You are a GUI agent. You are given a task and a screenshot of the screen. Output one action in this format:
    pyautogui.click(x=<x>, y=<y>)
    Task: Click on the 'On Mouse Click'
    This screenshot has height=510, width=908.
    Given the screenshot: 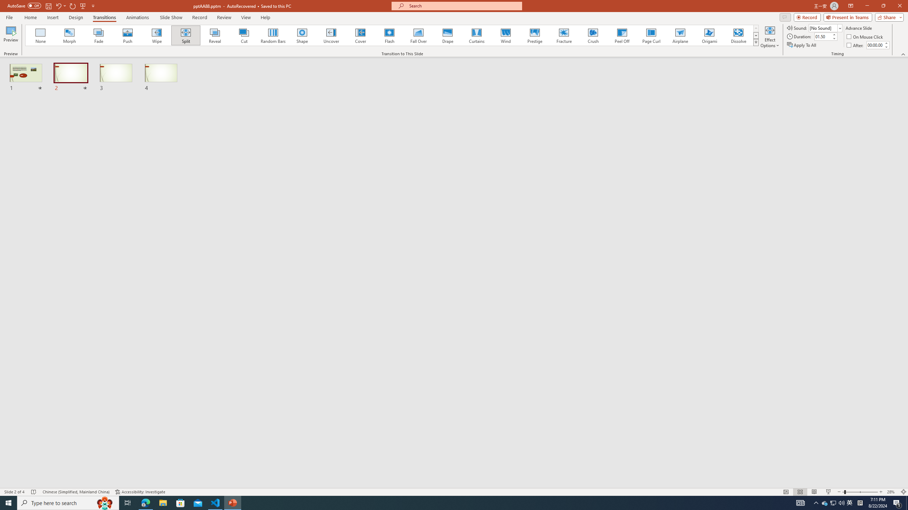 What is the action you would take?
    pyautogui.click(x=865, y=36)
    